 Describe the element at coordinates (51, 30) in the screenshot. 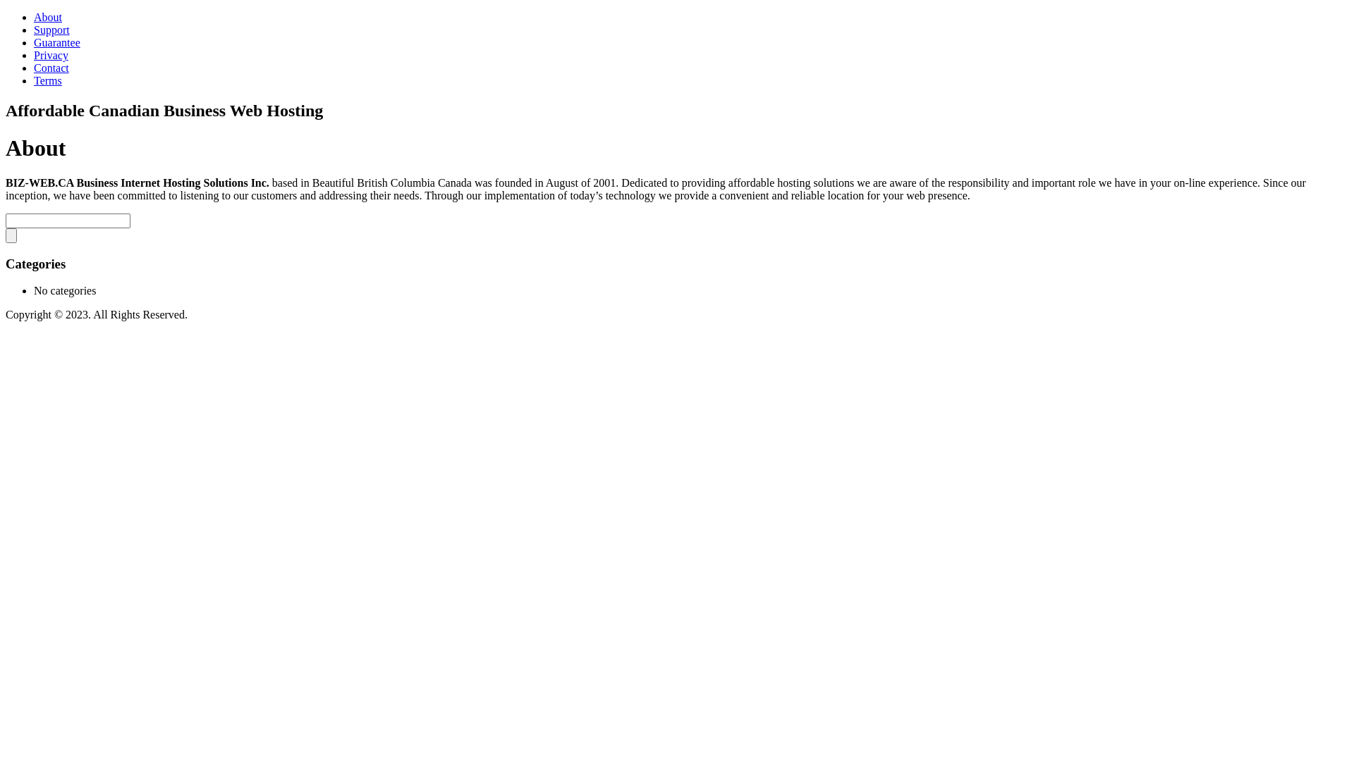

I see `'Support'` at that location.